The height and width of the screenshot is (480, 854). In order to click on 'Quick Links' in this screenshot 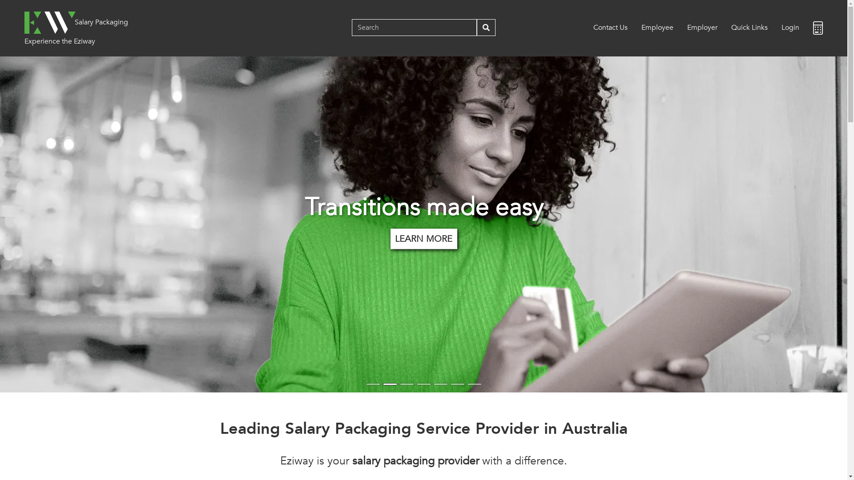, I will do `click(749, 27)`.